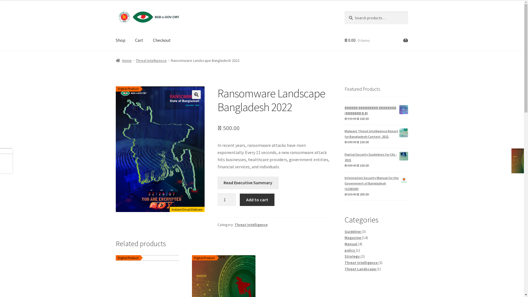 Image resolution: width=528 pixels, height=297 pixels. Describe the element at coordinates (344, 11) in the screenshot. I see `'Search'` at that location.